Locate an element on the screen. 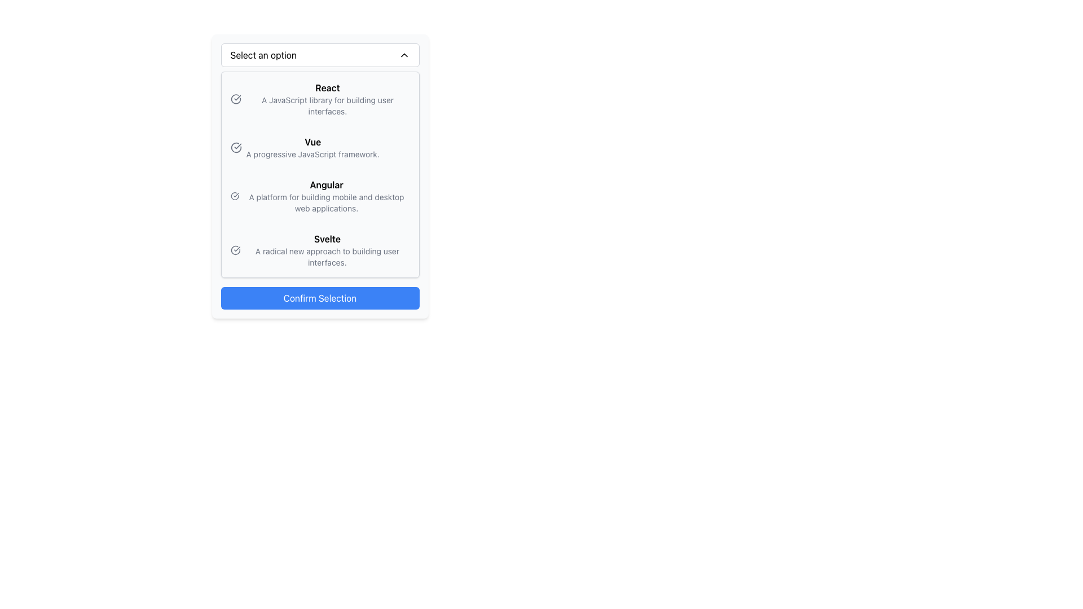 This screenshot has width=1083, height=609. the selection indicator or checkmark icon located to the left of the text 'Vue' is located at coordinates (235, 147).